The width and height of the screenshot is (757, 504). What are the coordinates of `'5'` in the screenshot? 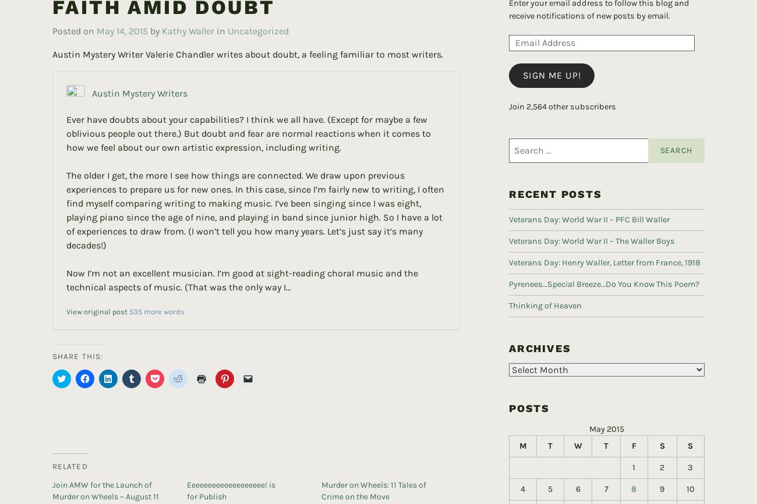 It's located at (550, 470).